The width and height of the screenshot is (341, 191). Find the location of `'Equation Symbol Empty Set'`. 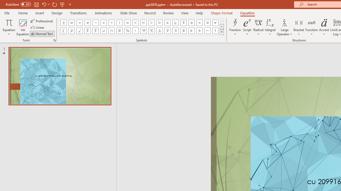

'Equation Symbol Empty Set' is located at coordinates (119, 31).